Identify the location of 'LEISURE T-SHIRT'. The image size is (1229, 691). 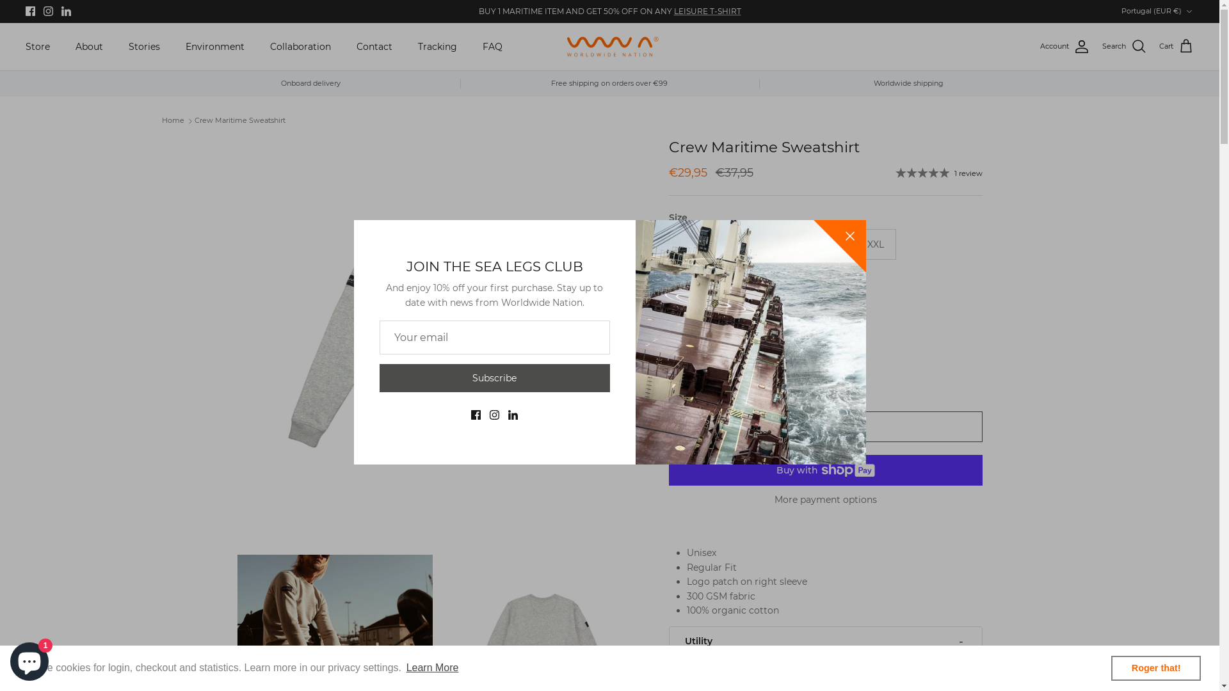
(706, 11).